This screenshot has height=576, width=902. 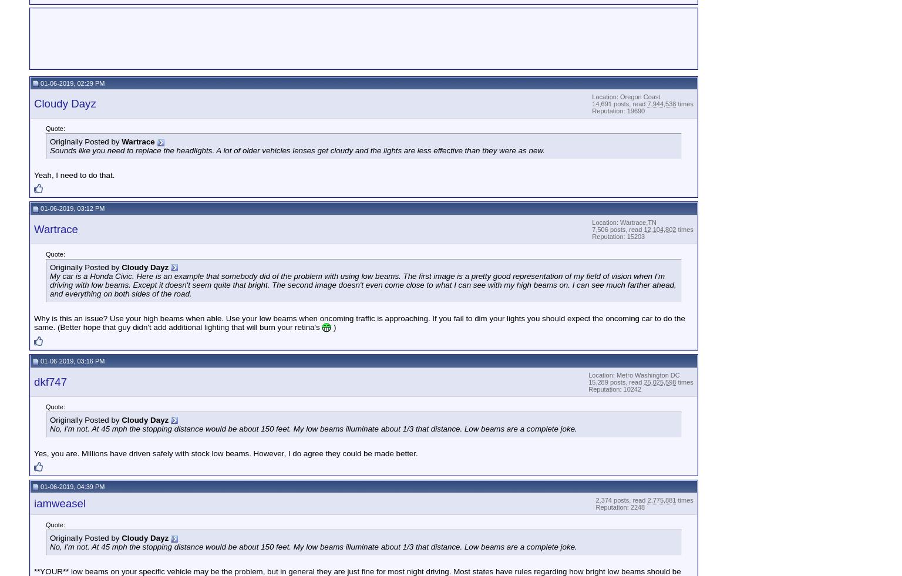 What do you see at coordinates (661, 500) in the screenshot?
I see `'2,775,881'` at bounding box center [661, 500].